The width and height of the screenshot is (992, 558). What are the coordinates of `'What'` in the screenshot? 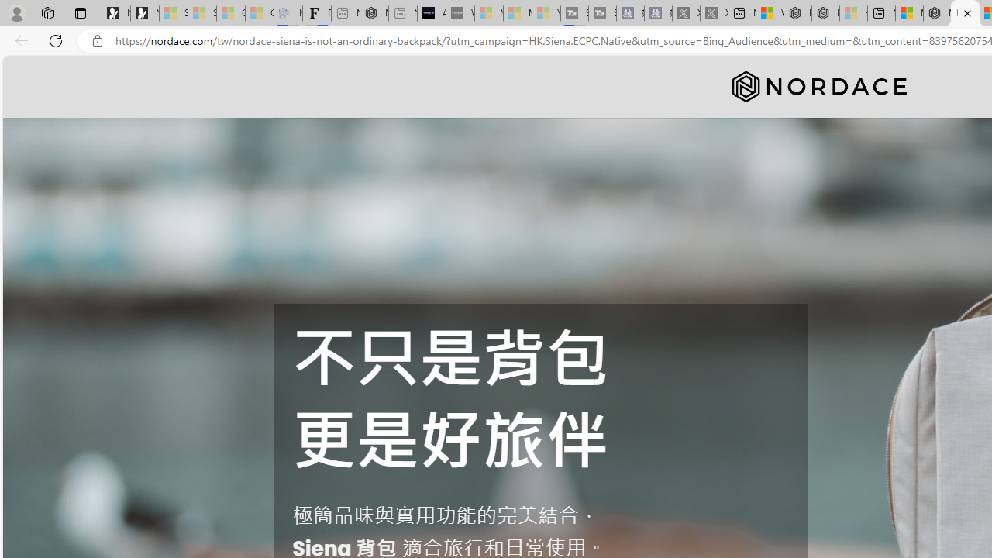 It's located at (459, 13).